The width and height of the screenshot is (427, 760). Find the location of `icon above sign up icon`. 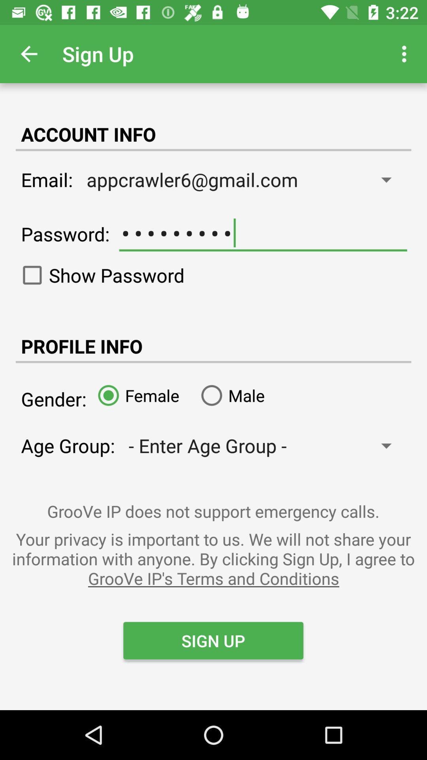

icon above sign up icon is located at coordinates (213, 558).